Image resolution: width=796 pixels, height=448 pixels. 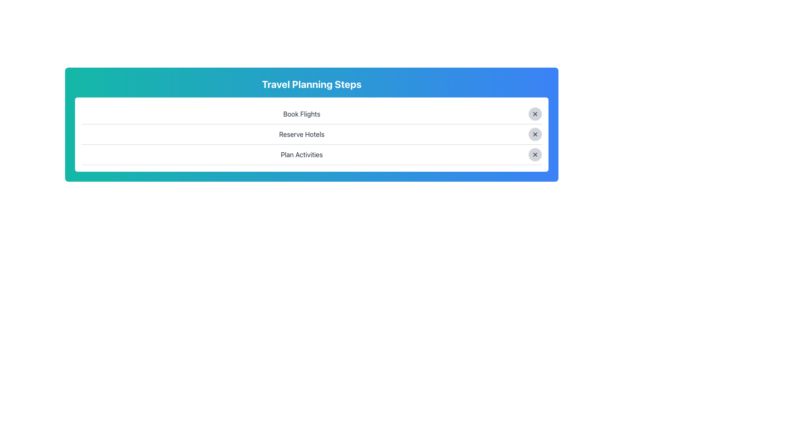 What do you see at coordinates (535, 155) in the screenshot?
I see `the delete or close button located in the third row of the 'Travel Planning Steps' list` at bounding box center [535, 155].